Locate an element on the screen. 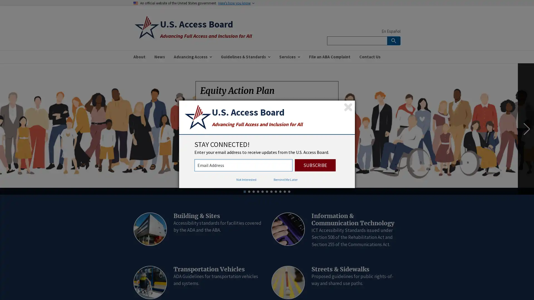  Remind Me Later is located at coordinates (286, 180).